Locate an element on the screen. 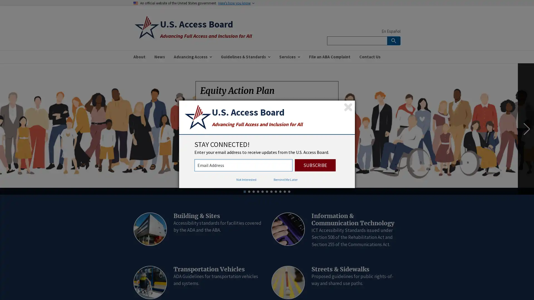  Remind Me Later is located at coordinates (286, 180).